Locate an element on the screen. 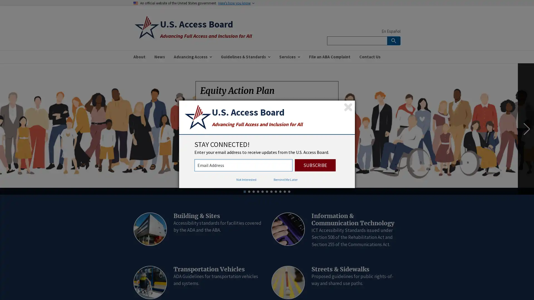  Remind Me Later is located at coordinates (286, 180).